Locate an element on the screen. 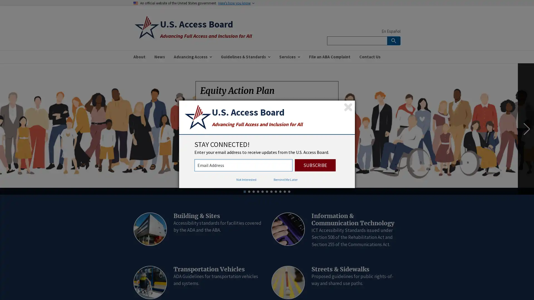  Remind Me Later is located at coordinates (286, 180).